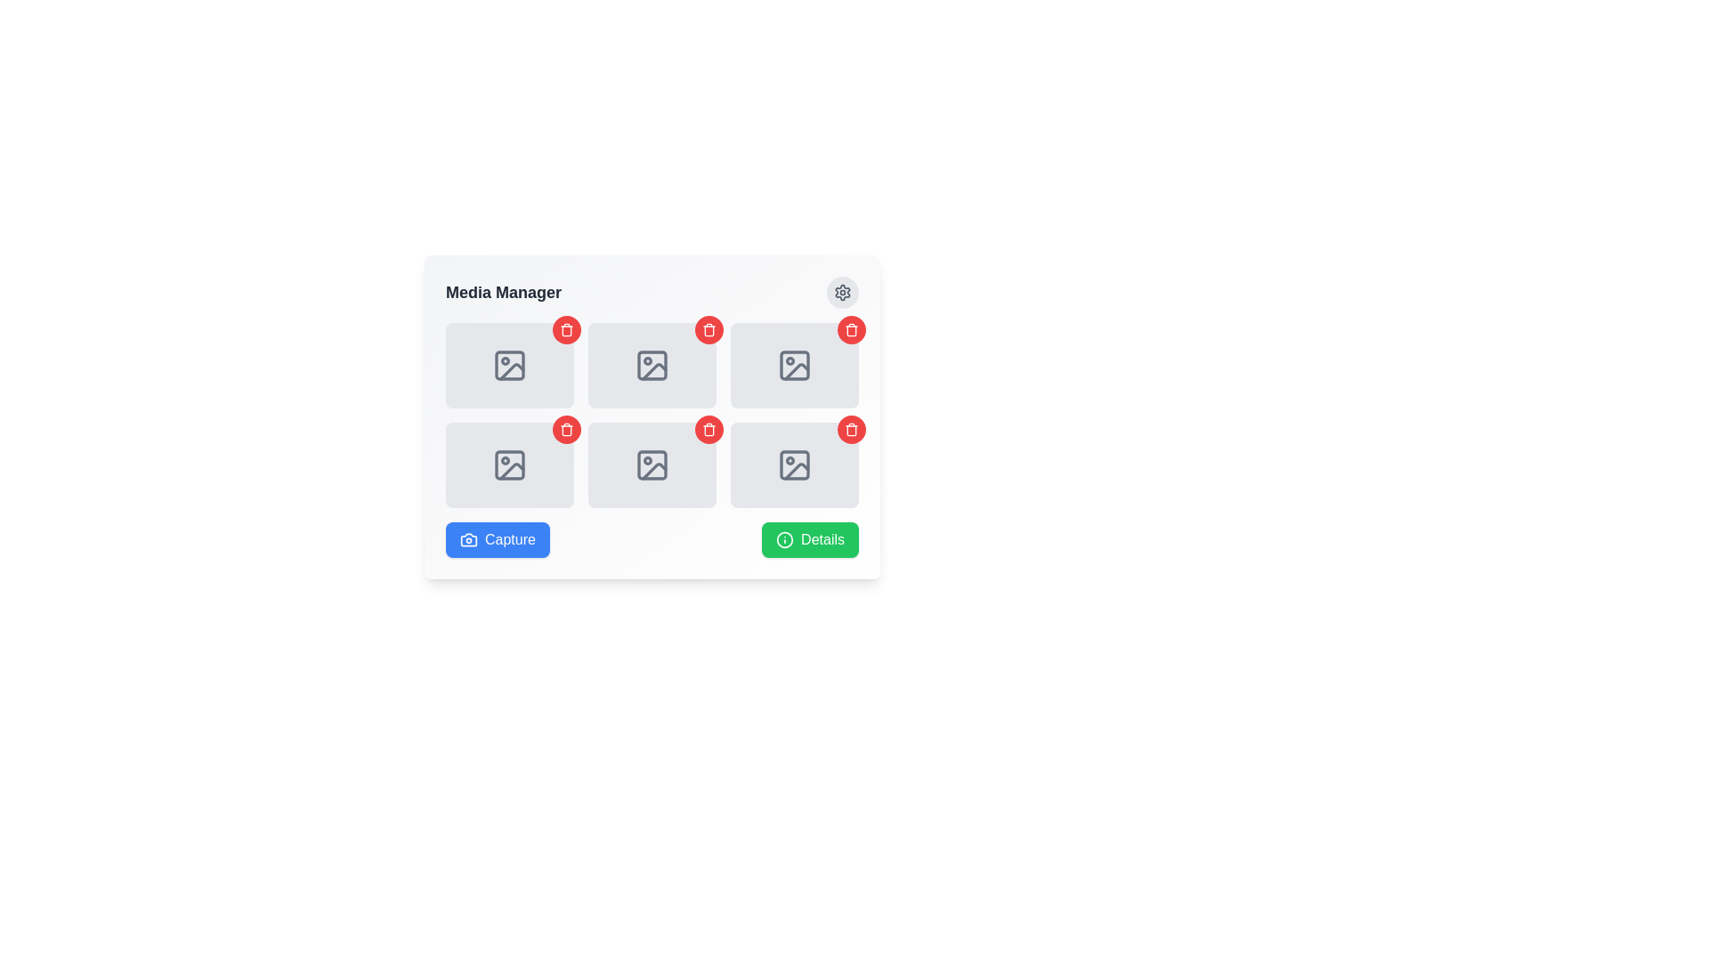  What do you see at coordinates (793, 365) in the screenshot?
I see `the small rounded rectangle decorative component that is centered within the image icon located in the second row and third column of the grid` at bounding box center [793, 365].